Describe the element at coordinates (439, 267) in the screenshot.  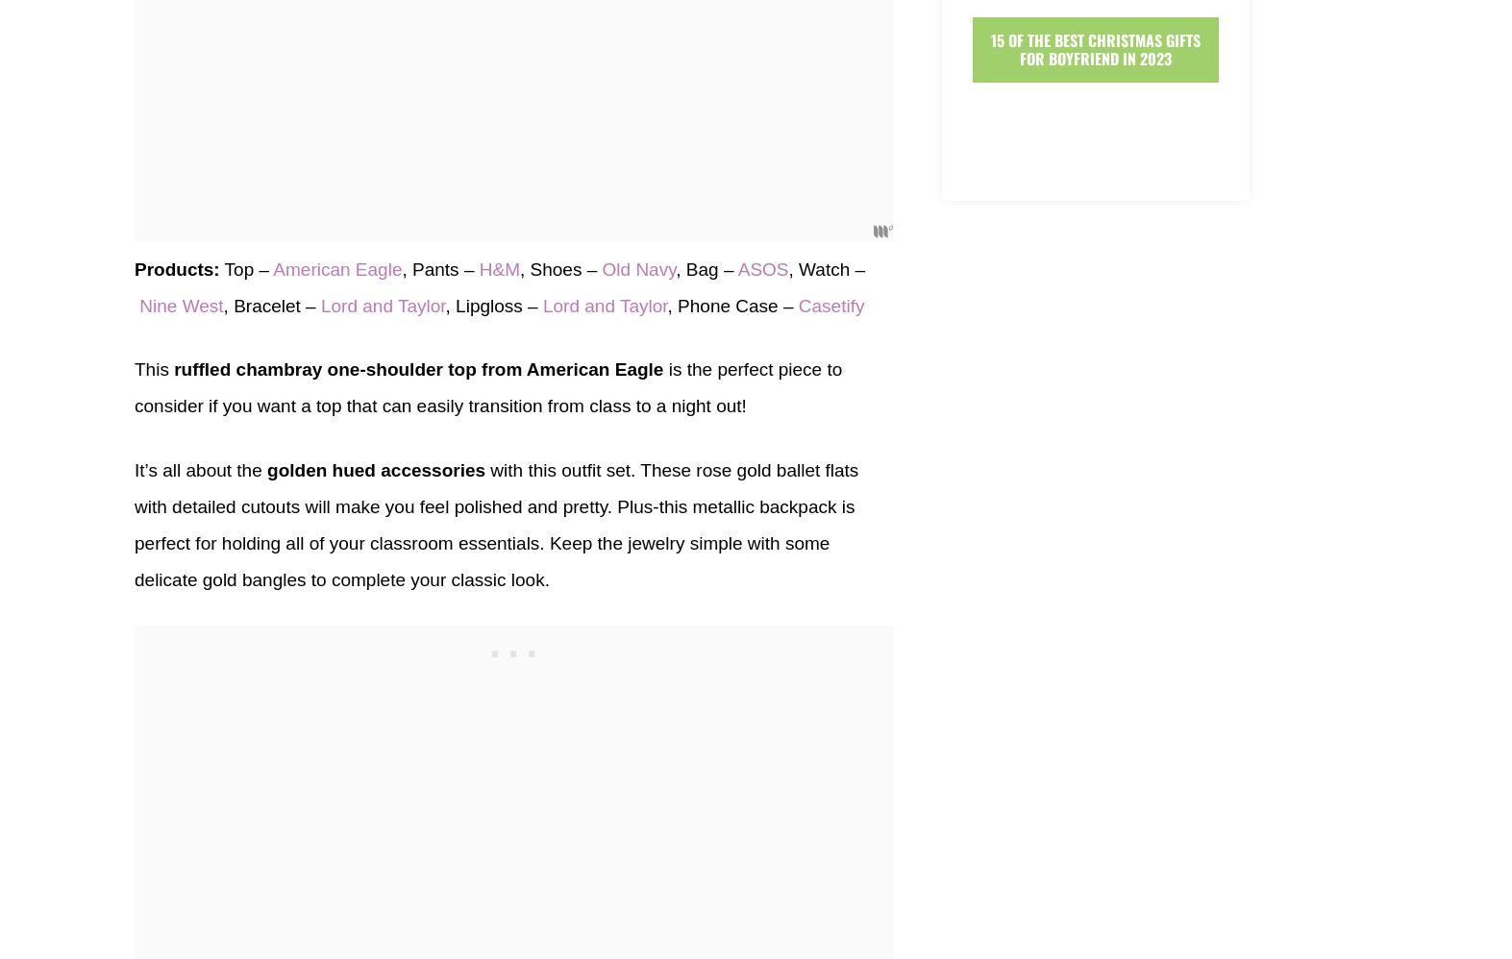
I see `', Pants –'` at that location.